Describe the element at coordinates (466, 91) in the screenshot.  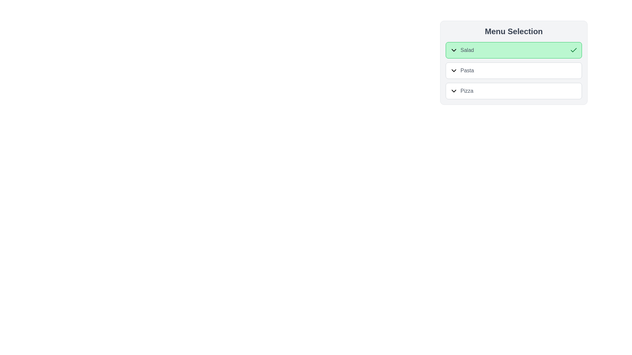
I see `the text label displaying 'Pizza', which is a medium gray font located next to a chevron-down icon in the menu layout` at that location.